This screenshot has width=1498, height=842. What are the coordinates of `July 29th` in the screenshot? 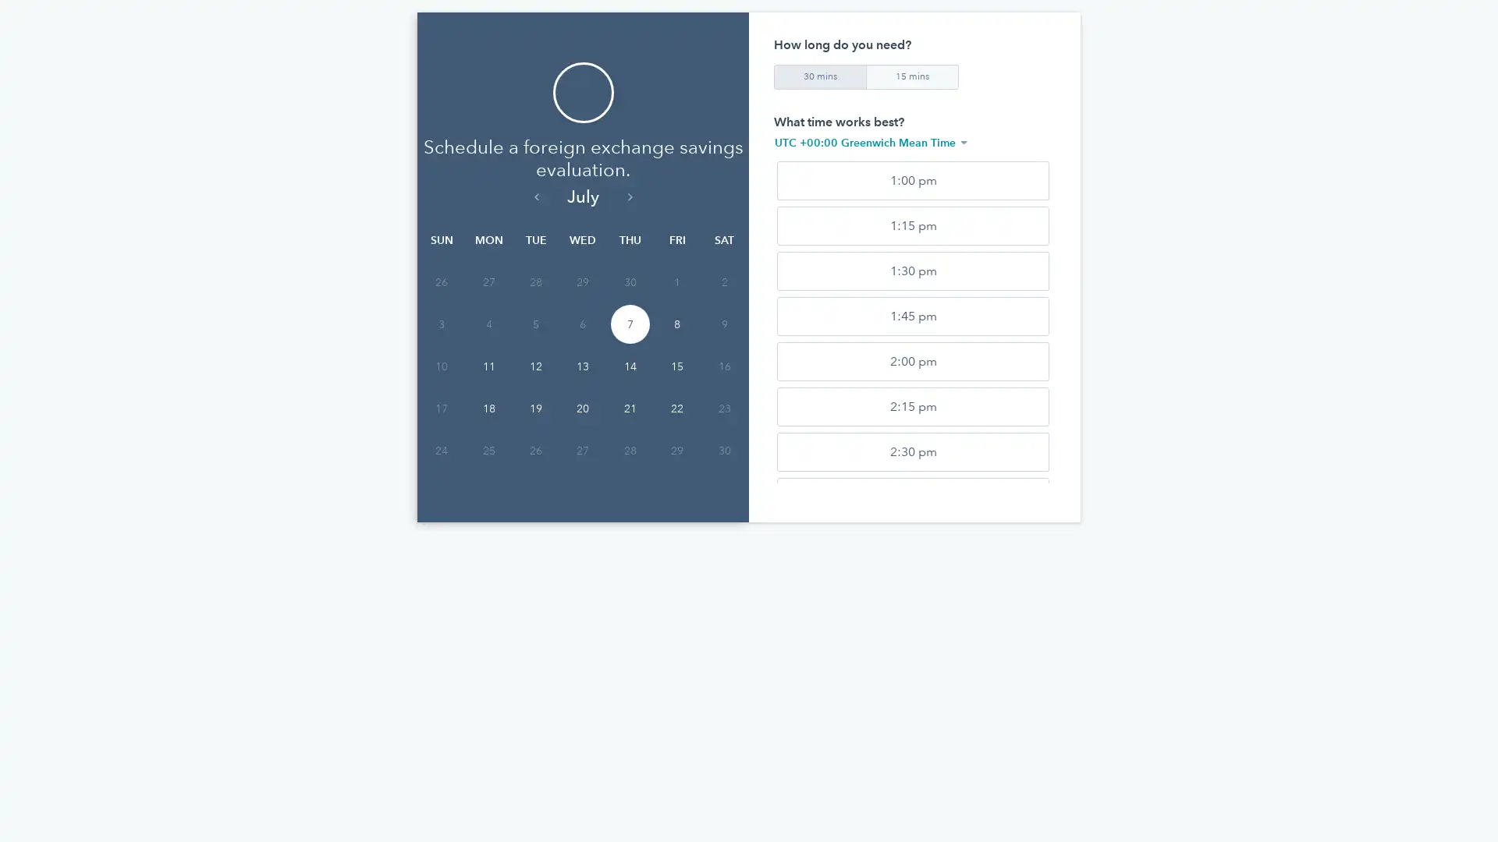 It's located at (677, 451).